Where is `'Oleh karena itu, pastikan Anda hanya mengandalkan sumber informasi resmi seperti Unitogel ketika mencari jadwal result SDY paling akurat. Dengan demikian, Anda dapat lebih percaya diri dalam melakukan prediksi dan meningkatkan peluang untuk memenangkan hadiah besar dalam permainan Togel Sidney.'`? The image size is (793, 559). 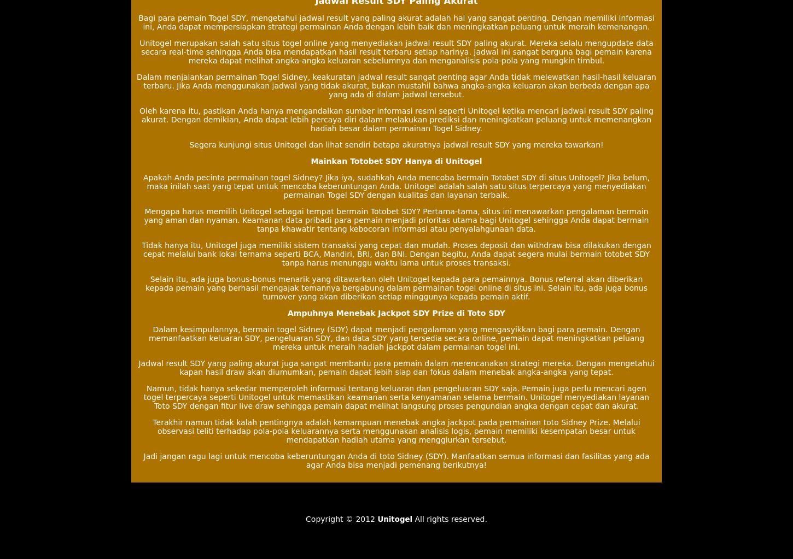
'Oleh karena itu, pastikan Anda hanya mengandalkan sumber informasi resmi seperti Unitogel ketika mencari jadwal result SDY paling akurat. Dengan demikian, Anda dapat lebih percaya diri dalam melakukan prediksi dan meningkatkan peluang untuk memenangkan hadiah besar dalam permainan Togel Sidney.' is located at coordinates (395, 119).